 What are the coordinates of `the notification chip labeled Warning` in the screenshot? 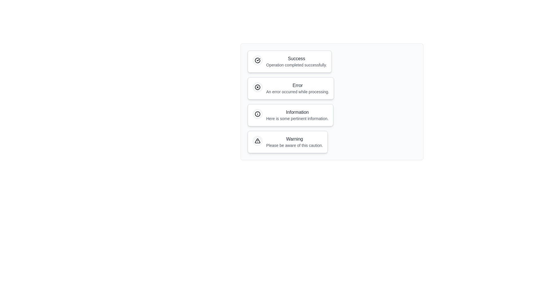 It's located at (288, 141).